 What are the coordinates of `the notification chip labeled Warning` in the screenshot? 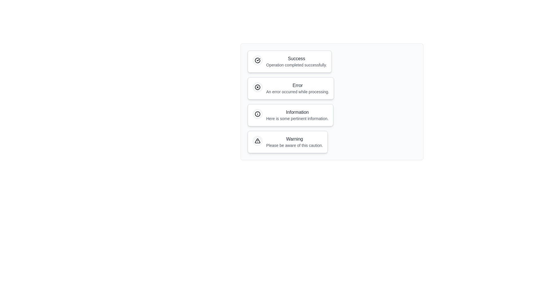 It's located at (288, 141).